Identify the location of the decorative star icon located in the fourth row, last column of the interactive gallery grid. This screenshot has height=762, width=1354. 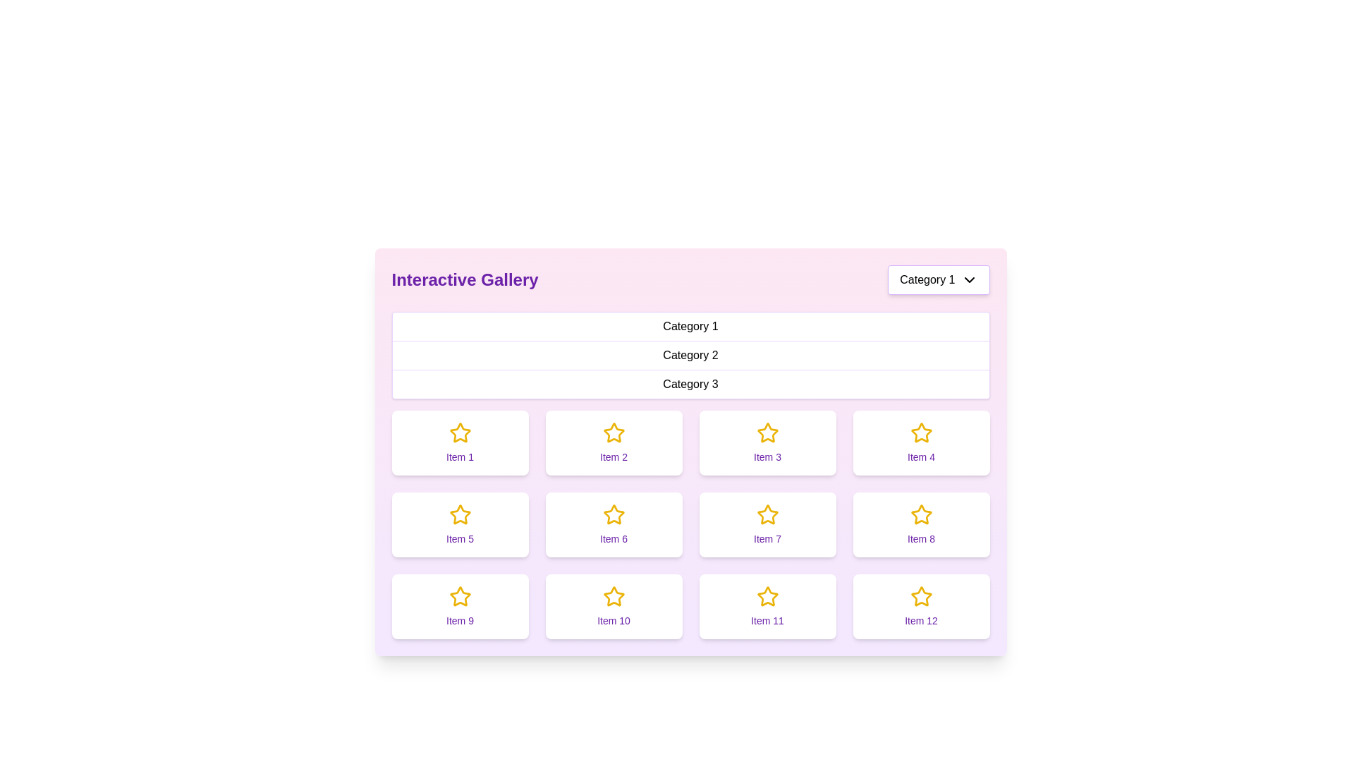
(921, 596).